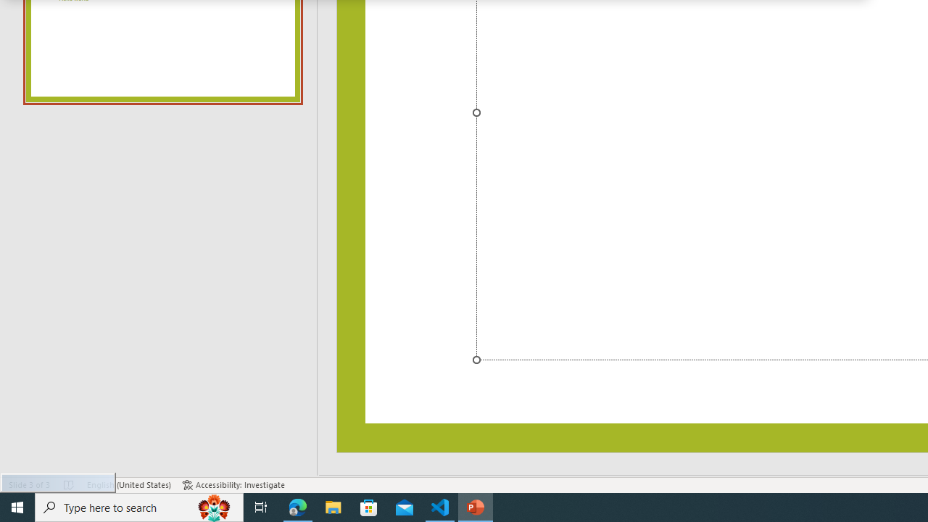 This screenshot has width=928, height=522. What do you see at coordinates (213, 506) in the screenshot?
I see `'Search highlights icon opens search home window'` at bounding box center [213, 506].